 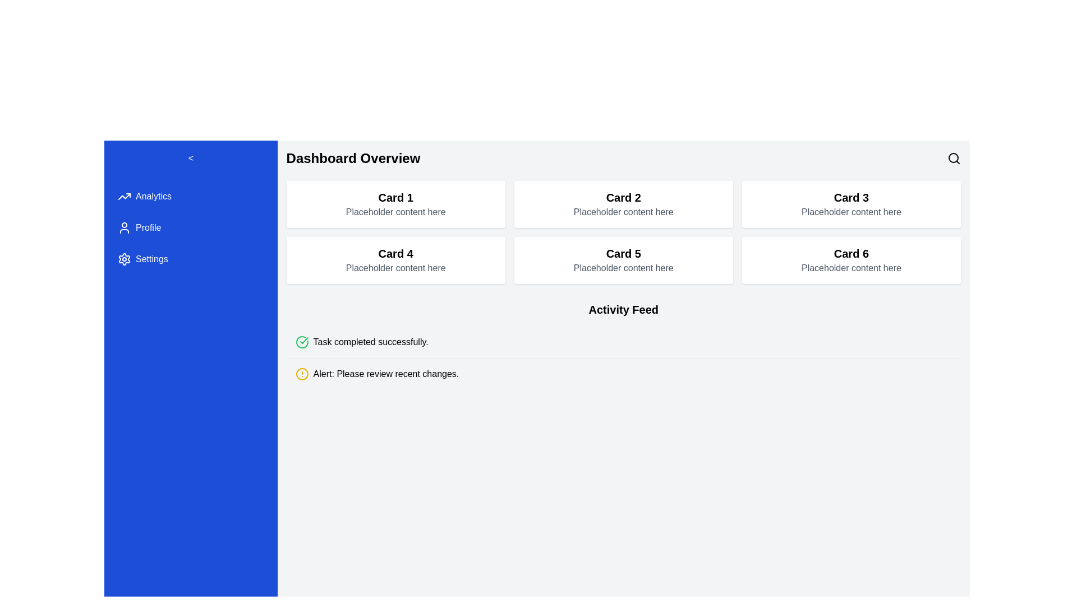 What do you see at coordinates (953, 158) in the screenshot?
I see `the circular magnifying glass icon button located at the far right end of the 'Dashboard Overview' header for keyboard navigation` at bounding box center [953, 158].